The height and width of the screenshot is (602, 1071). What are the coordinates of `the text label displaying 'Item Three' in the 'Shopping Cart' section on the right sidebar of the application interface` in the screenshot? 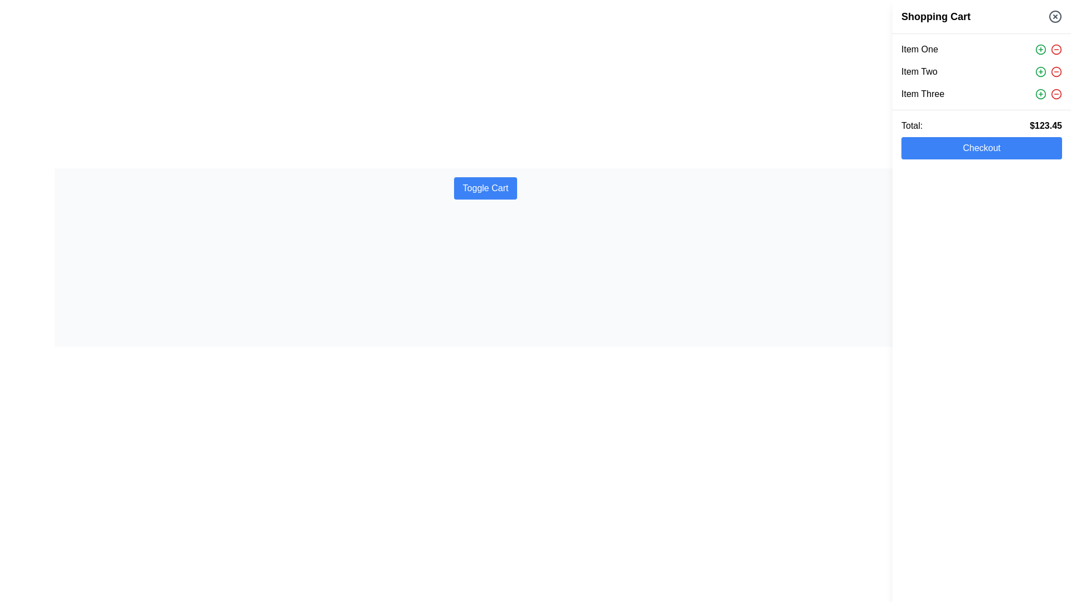 It's located at (923, 94).